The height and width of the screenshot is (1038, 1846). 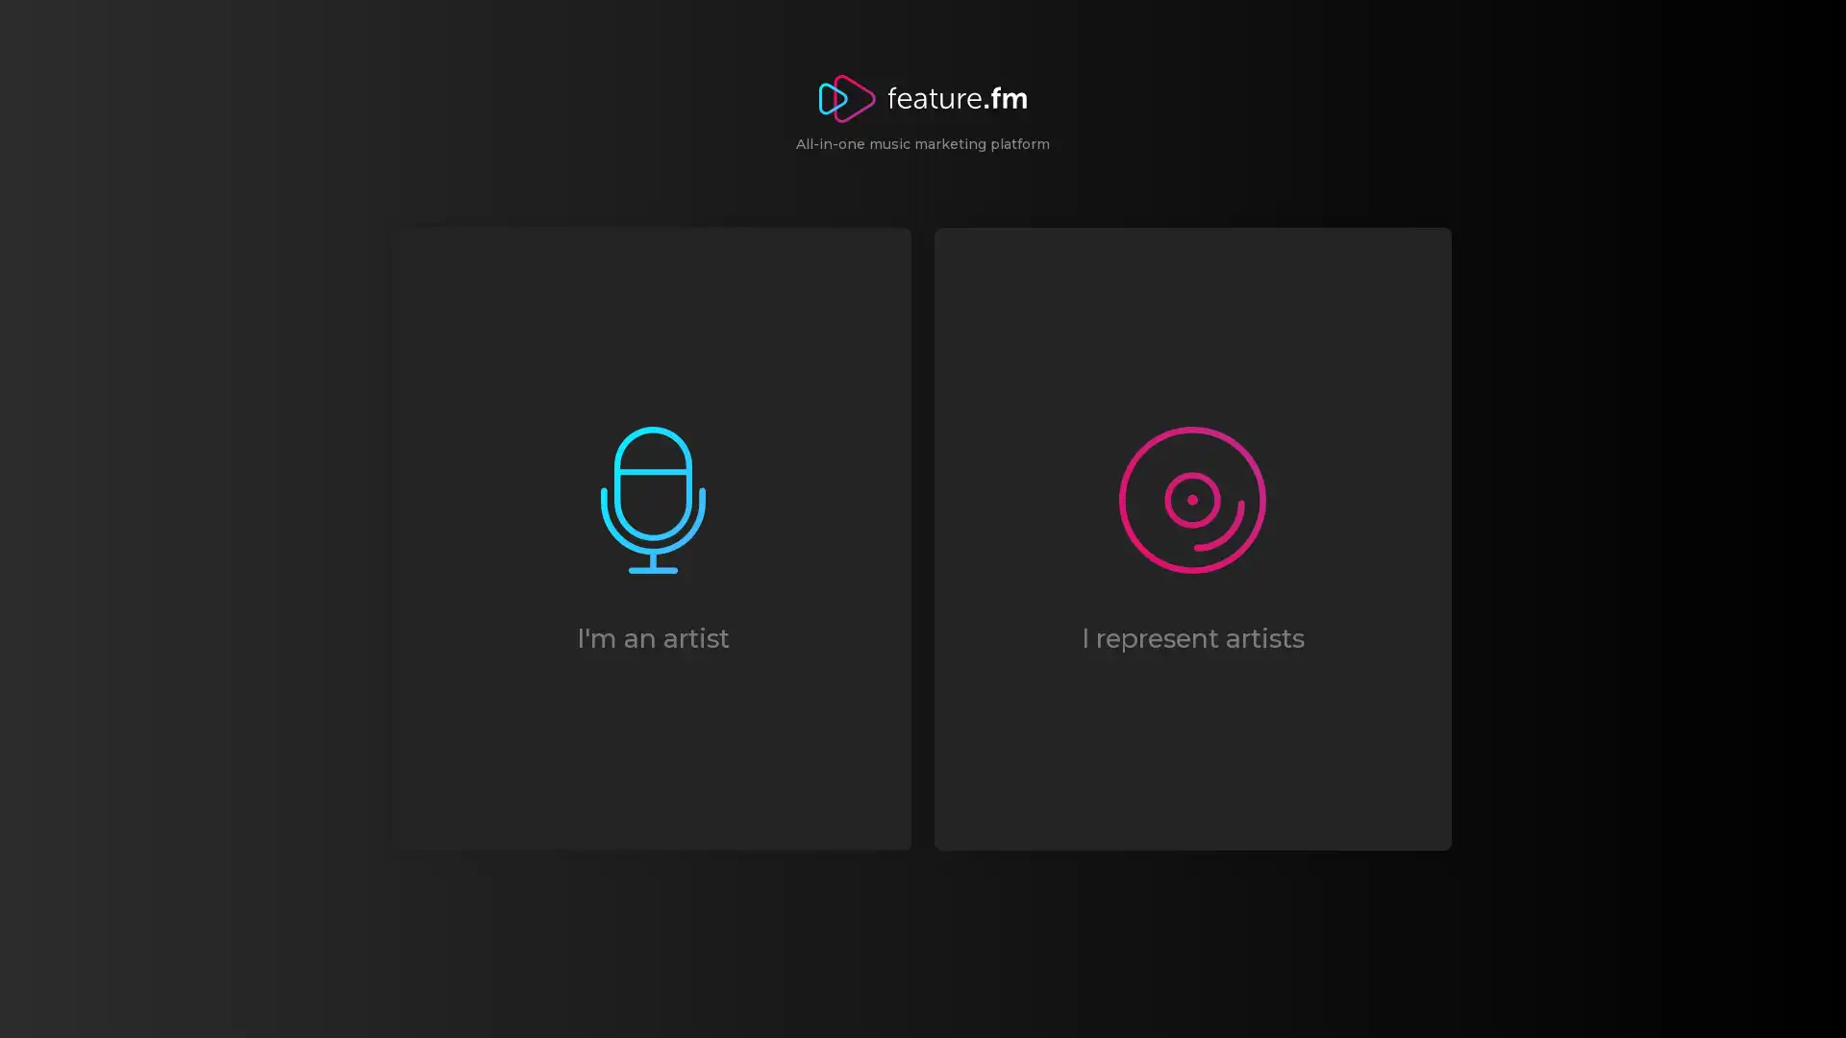 What do you see at coordinates (1191, 538) in the screenshot?
I see `I represent artists` at bounding box center [1191, 538].